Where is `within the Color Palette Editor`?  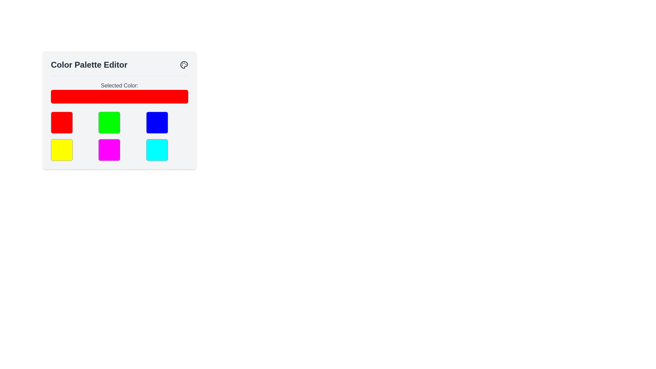
within the Color Palette Editor is located at coordinates (120, 110).